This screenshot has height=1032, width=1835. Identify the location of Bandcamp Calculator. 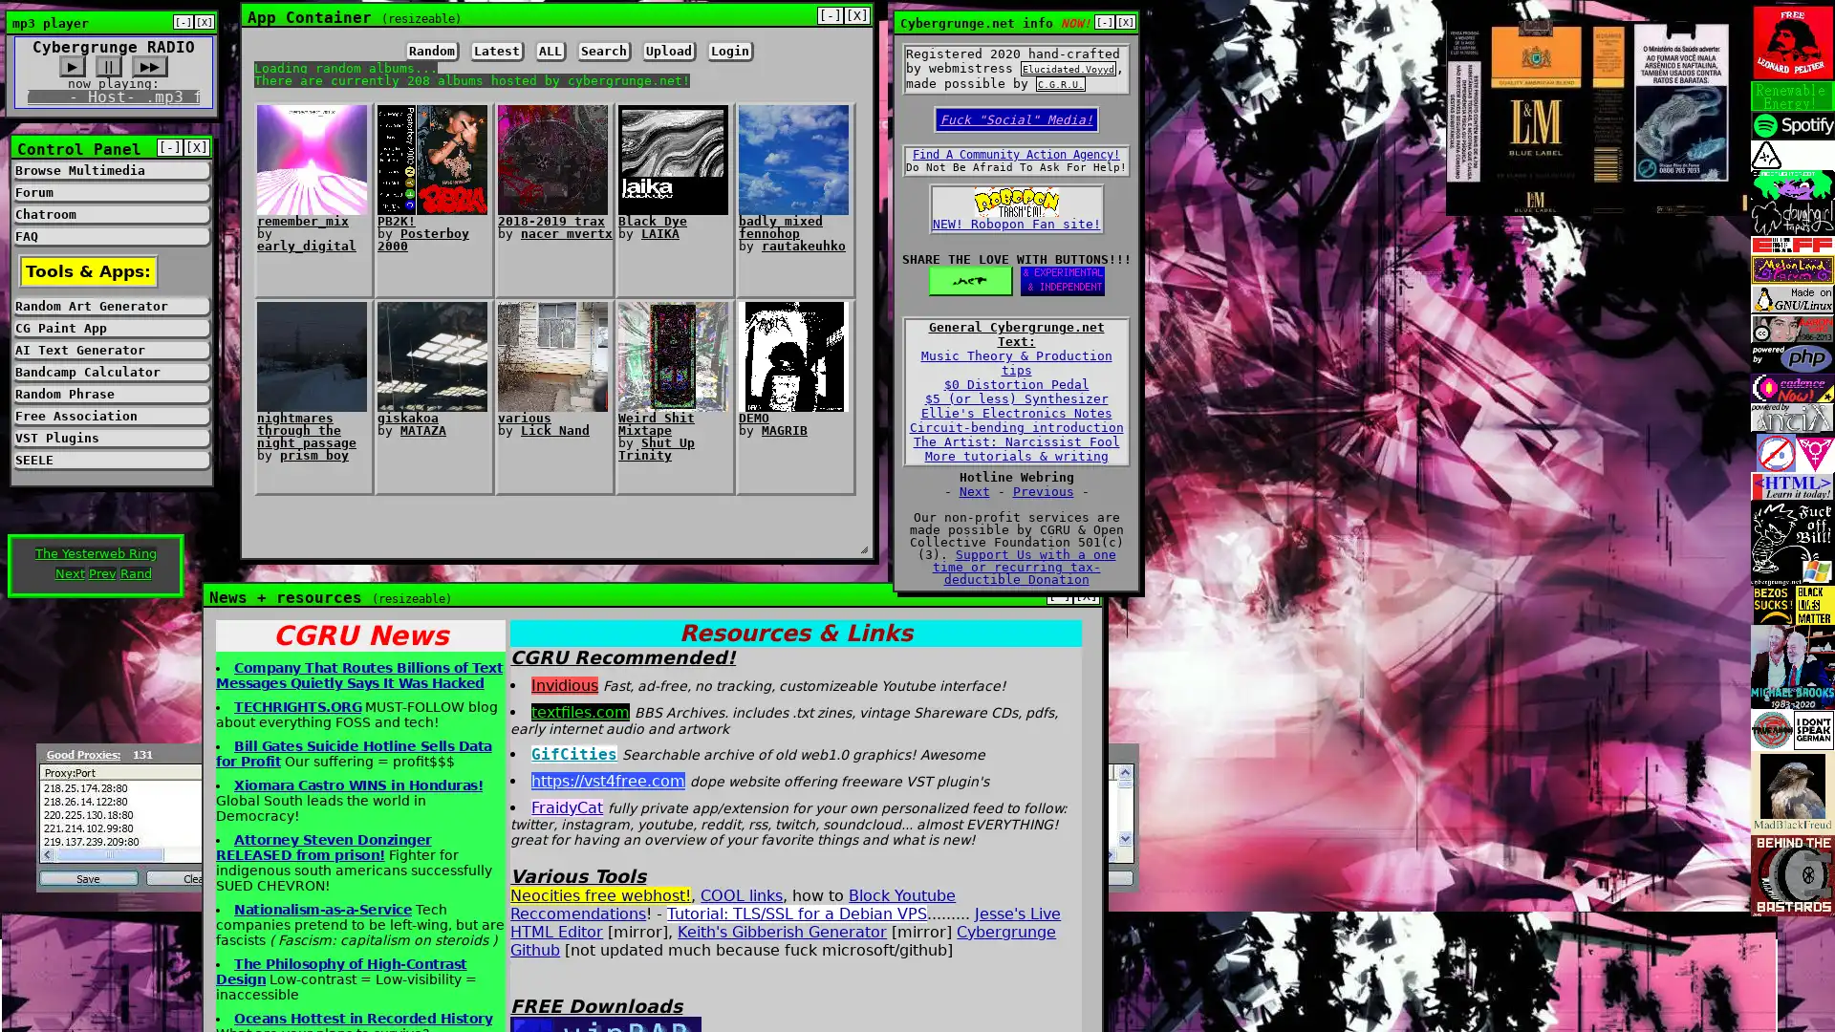
(110, 372).